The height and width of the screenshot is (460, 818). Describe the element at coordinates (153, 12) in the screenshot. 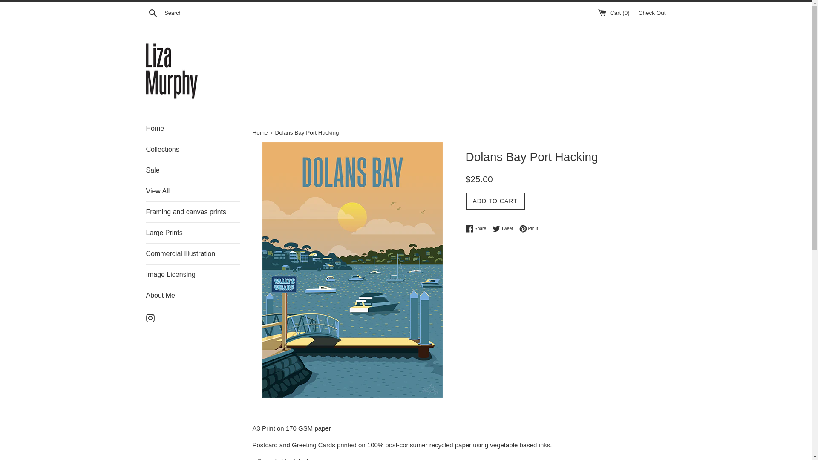

I see `'Search'` at that location.